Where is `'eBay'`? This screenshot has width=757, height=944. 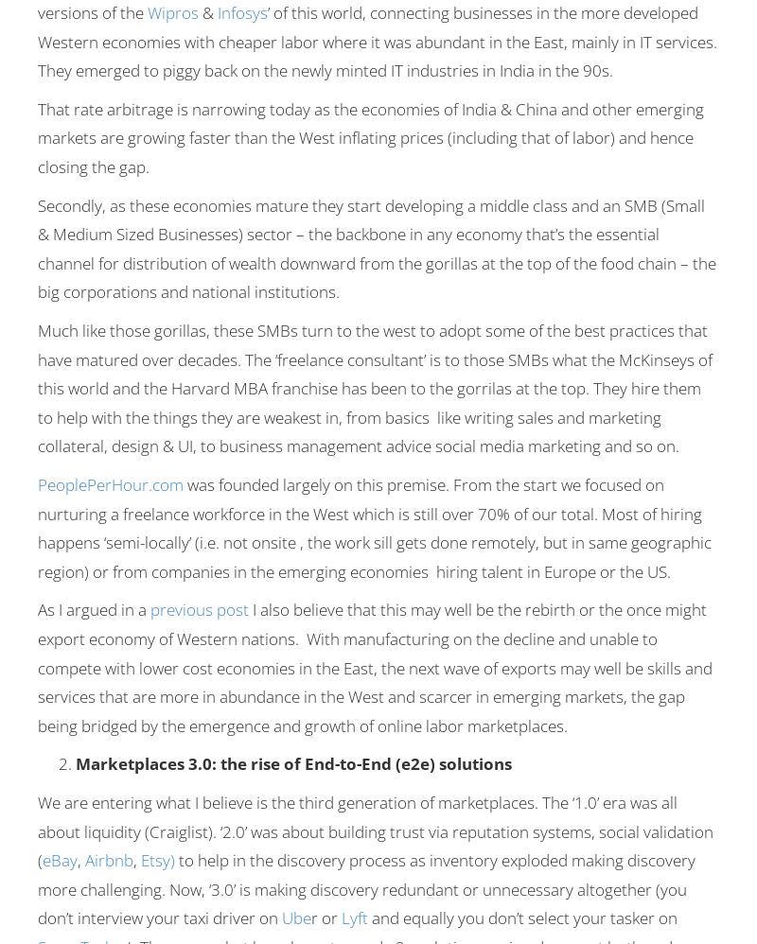
'eBay' is located at coordinates (59, 860).